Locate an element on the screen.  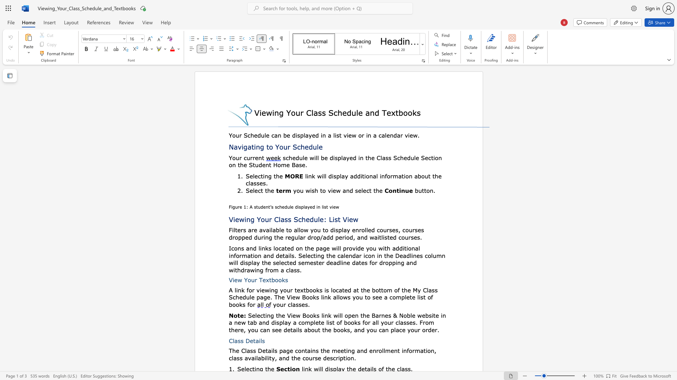
the subset text "ona" within the text "additional" is located at coordinates (408, 248).